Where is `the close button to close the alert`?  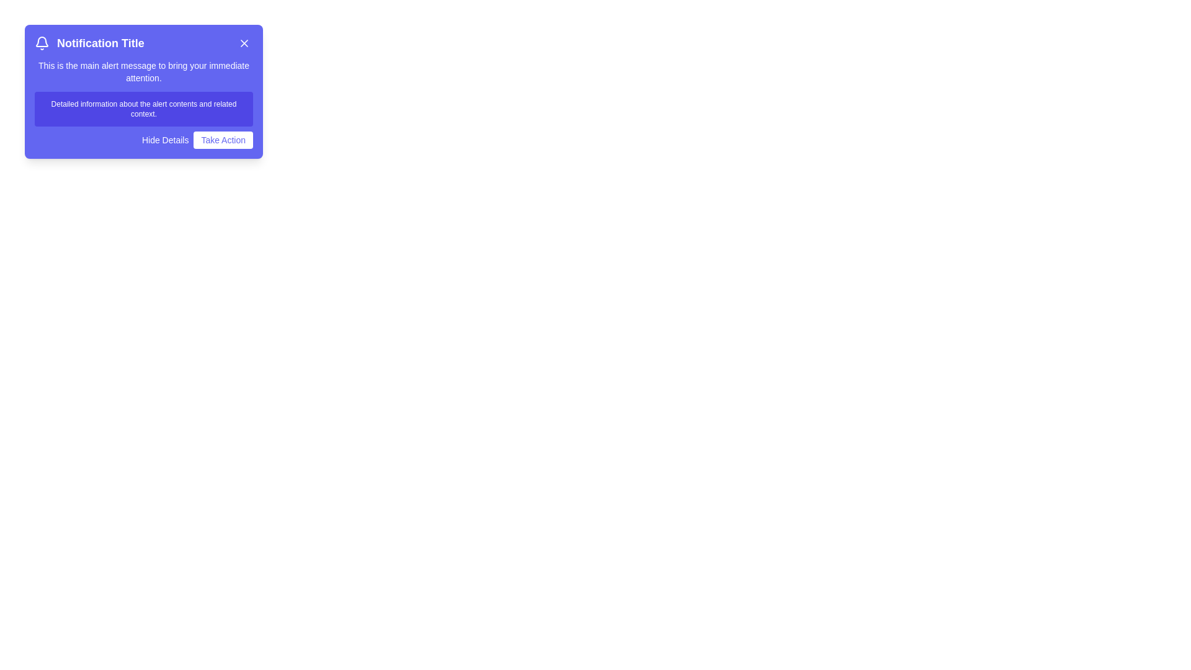 the close button to close the alert is located at coordinates (244, 42).